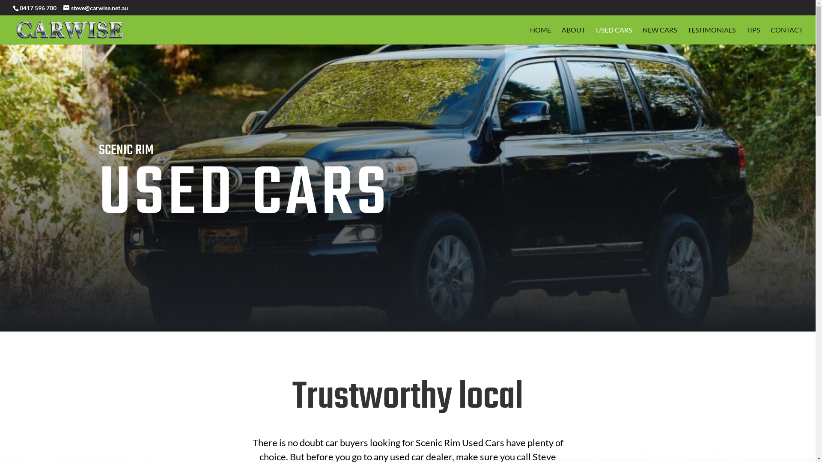 This screenshot has height=462, width=822. What do you see at coordinates (614, 35) in the screenshot?
I see `'USED CARS'` at bounding box center [614, 35].